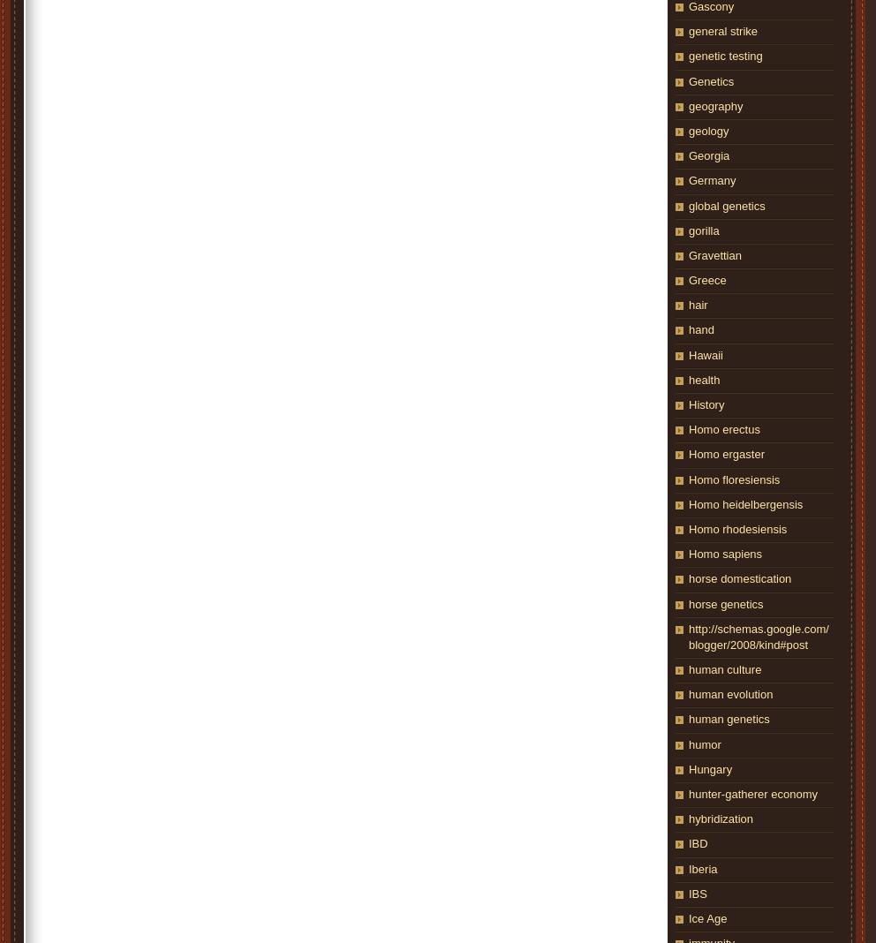  I want to click on 'Greece', so click(707, 279).